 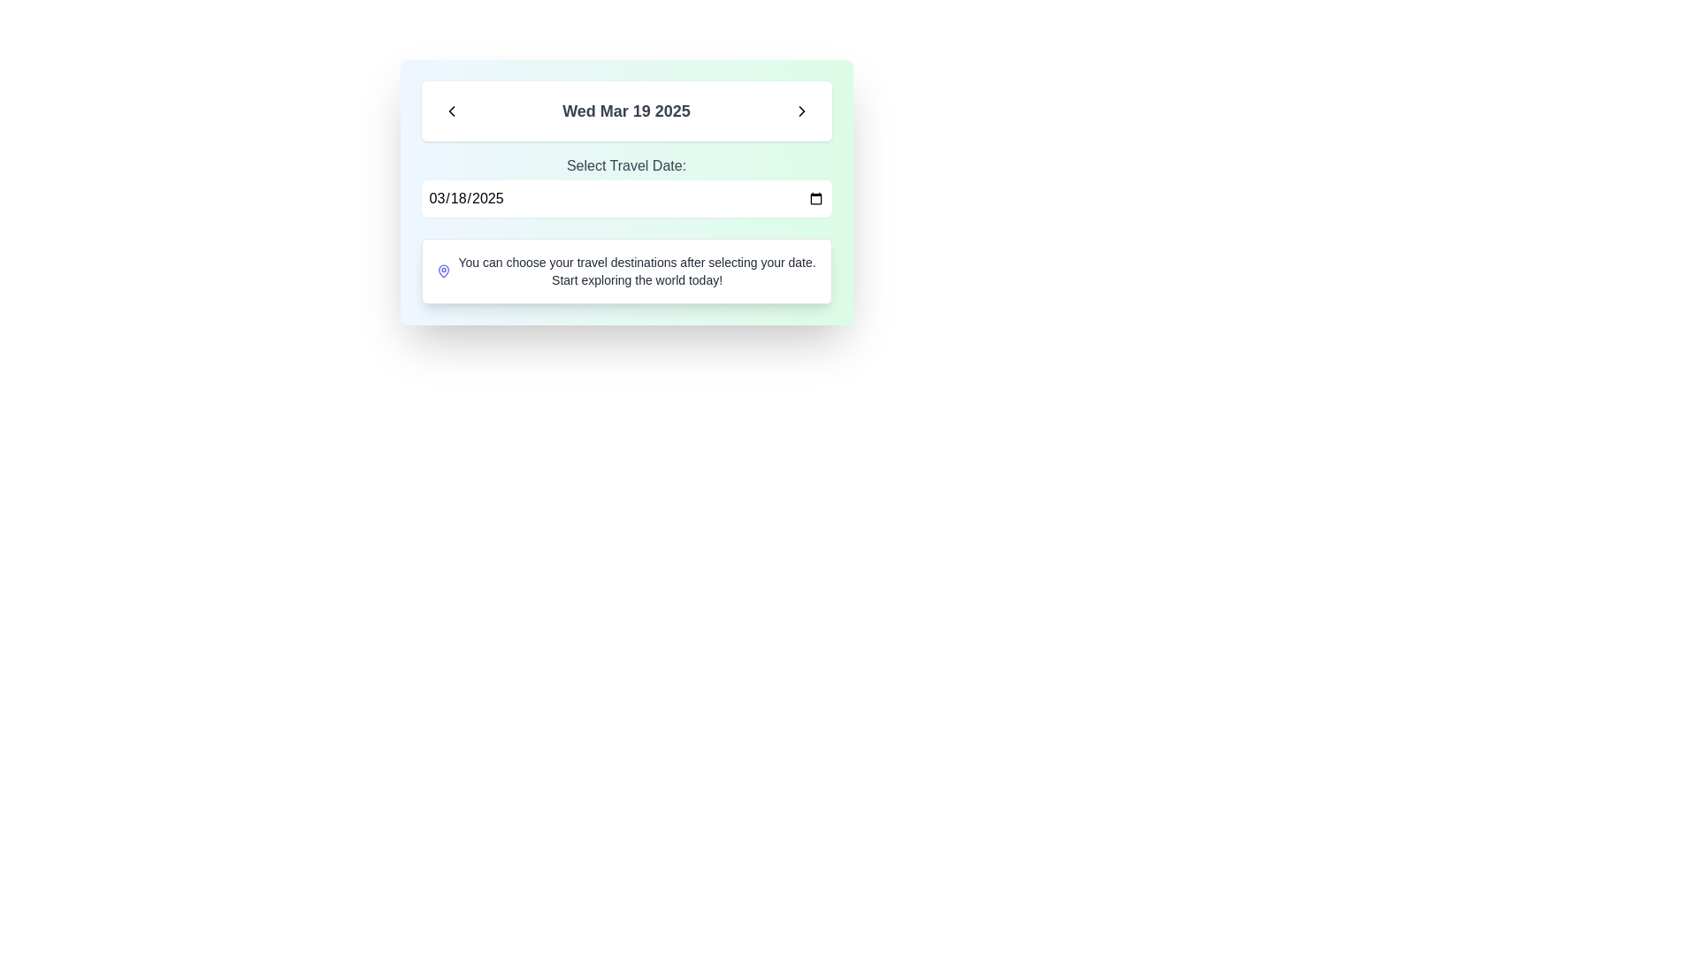 I want to click on the rightward-pointing chevron icon in the top-right corner of the green card layout, so click(x=800, y=111).